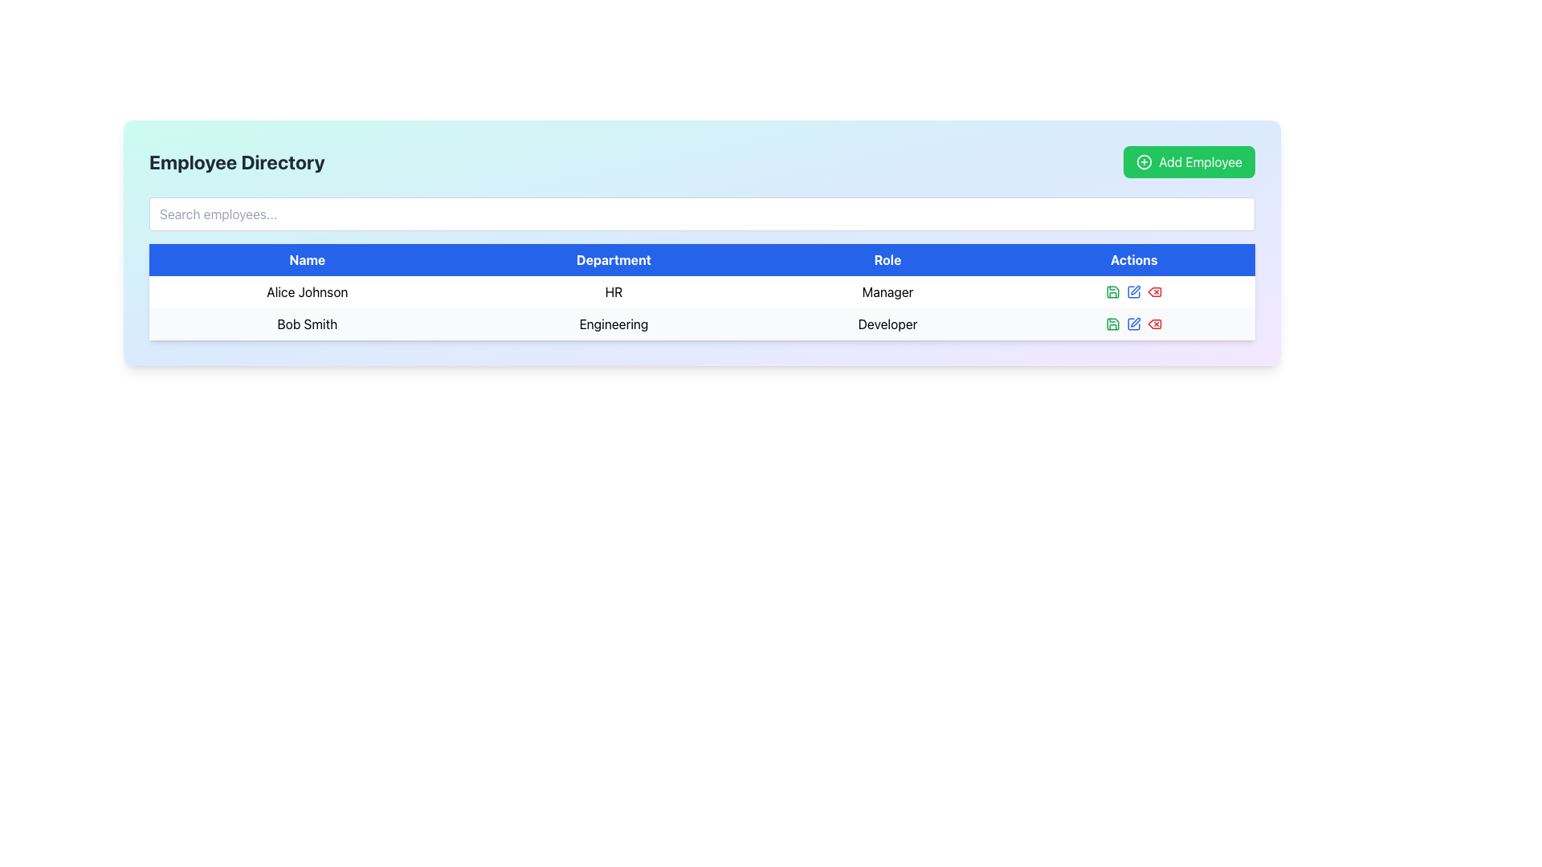 The width and height of the screenshot is (1542, 867). Describe the element at coordinates (307, 291) in the screenshot. I see `the text label 'Alice Johnson' located in the first row under the 'Name' column of the table` at that location.